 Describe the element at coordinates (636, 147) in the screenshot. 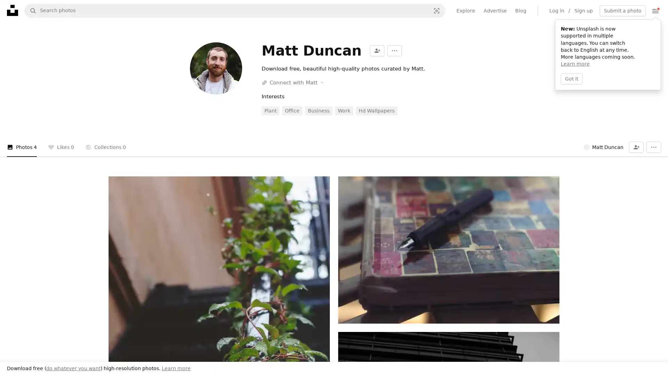

I see `Follow` at that location.